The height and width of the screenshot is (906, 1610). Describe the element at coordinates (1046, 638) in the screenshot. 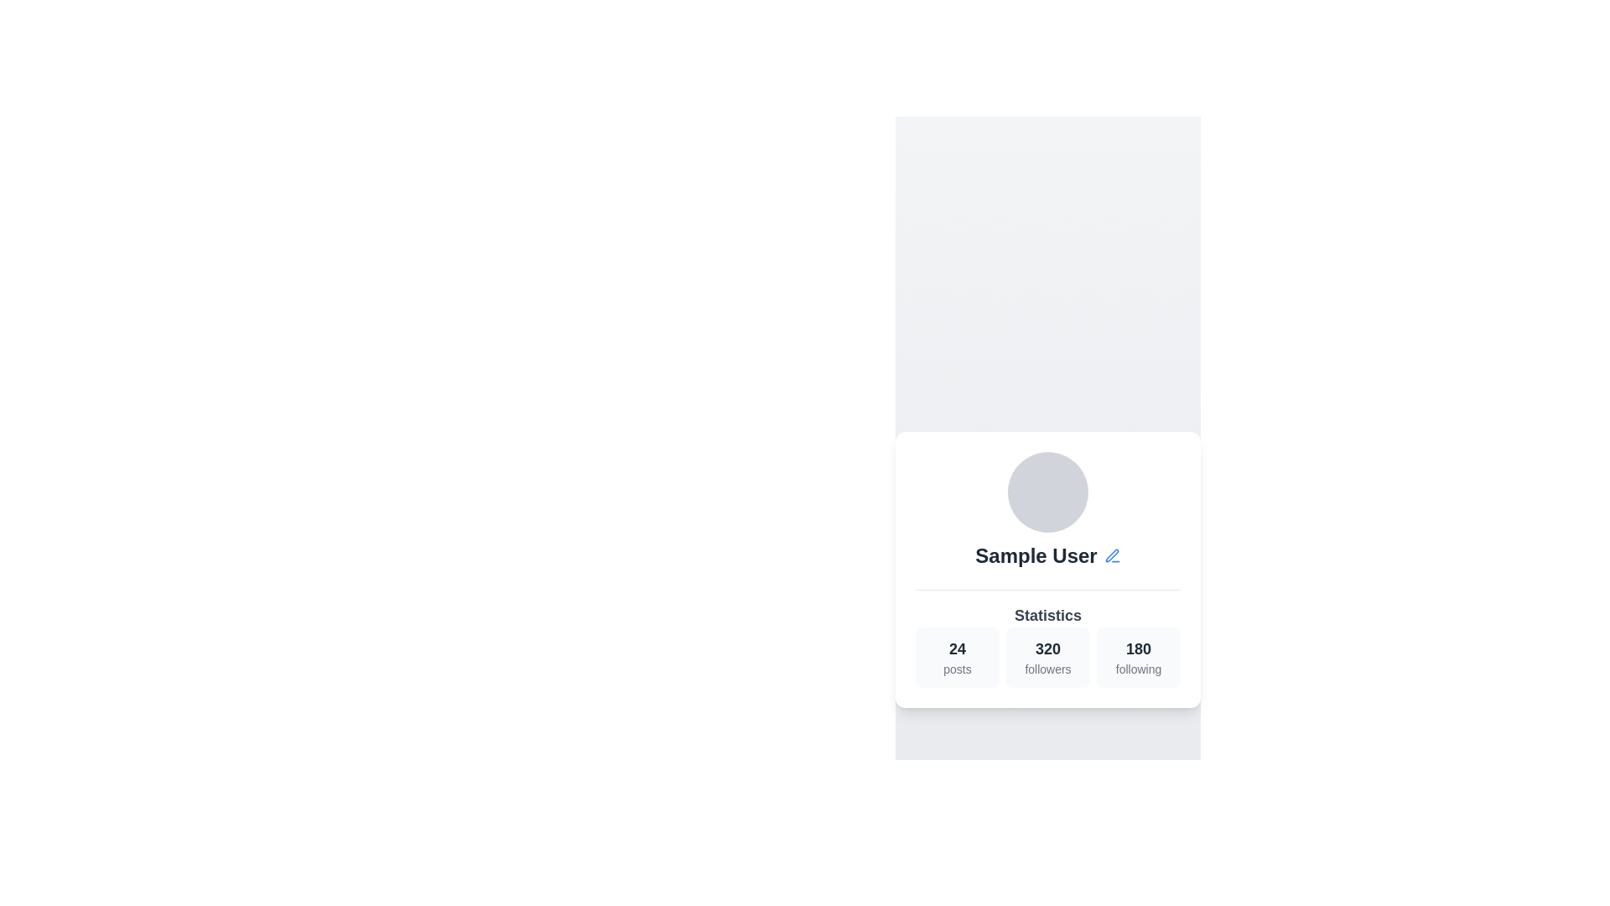

I see `the Data display grid that shows '24 posts', '320 followers', and '180 following' under the header 'Statistics' for a tooltip, if available` at that location.